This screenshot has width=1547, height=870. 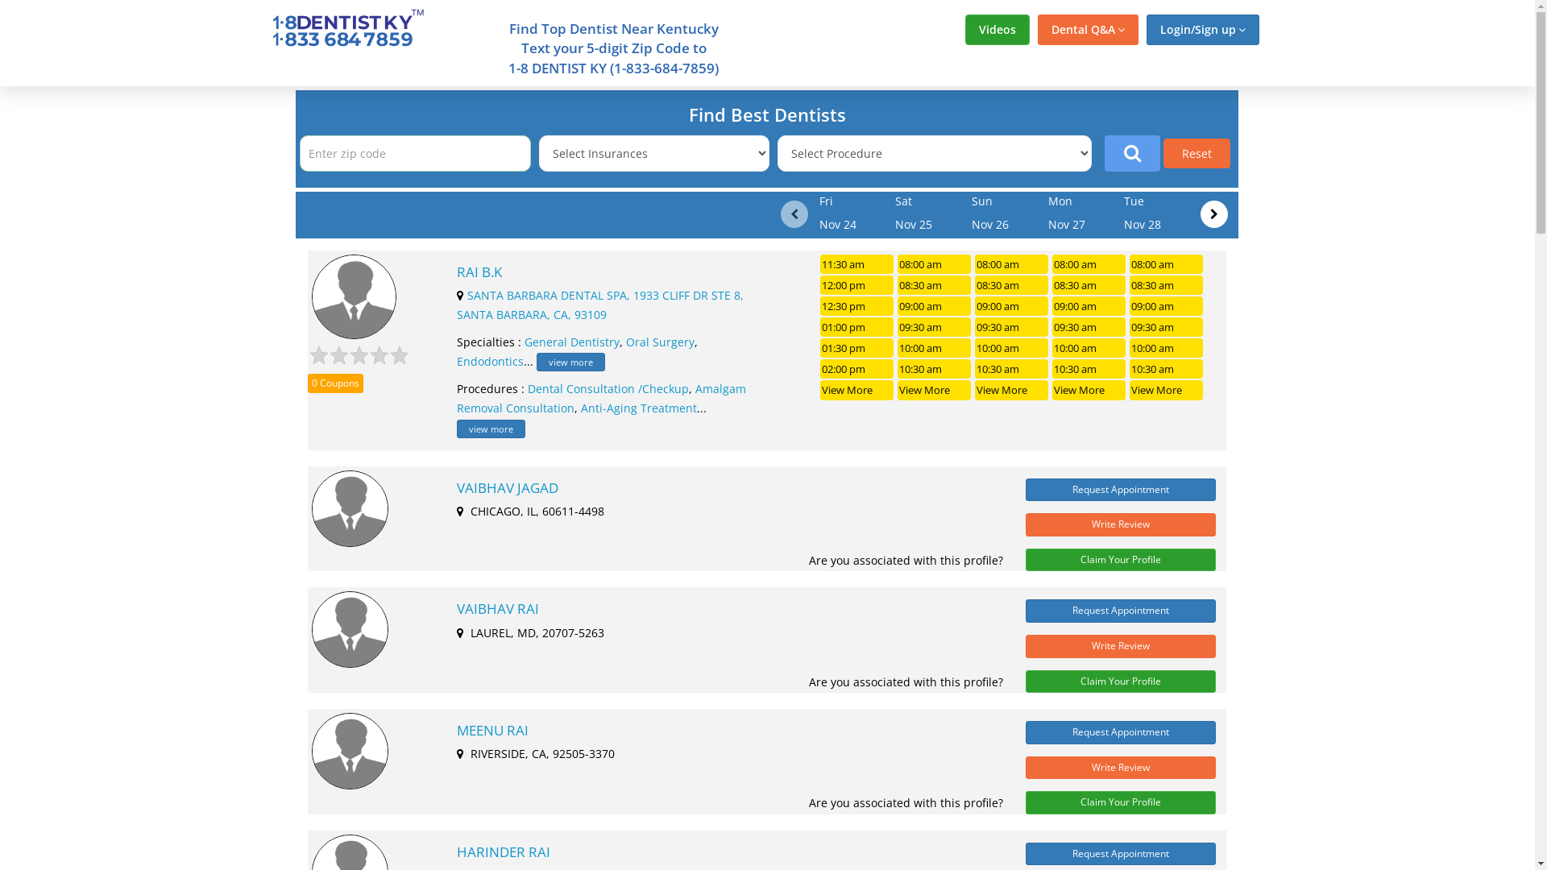 What do you see at coordinates (856, 369) in the screenshot?
I see `'02:00 pm'` at bounding box center [856, 369].